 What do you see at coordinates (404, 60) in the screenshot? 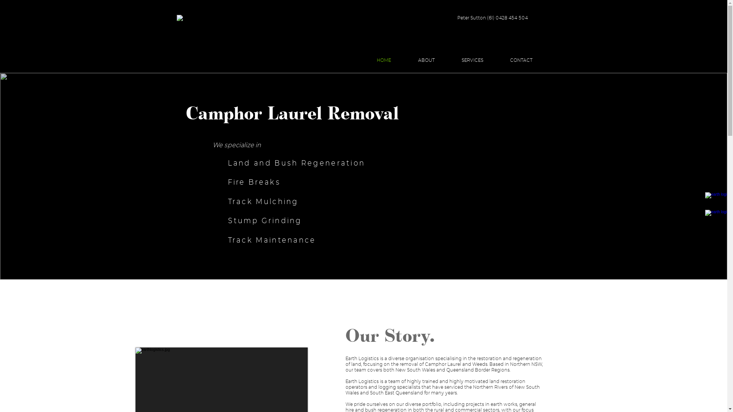
I see `'ABOUT'` at bounding box center [404, 60].